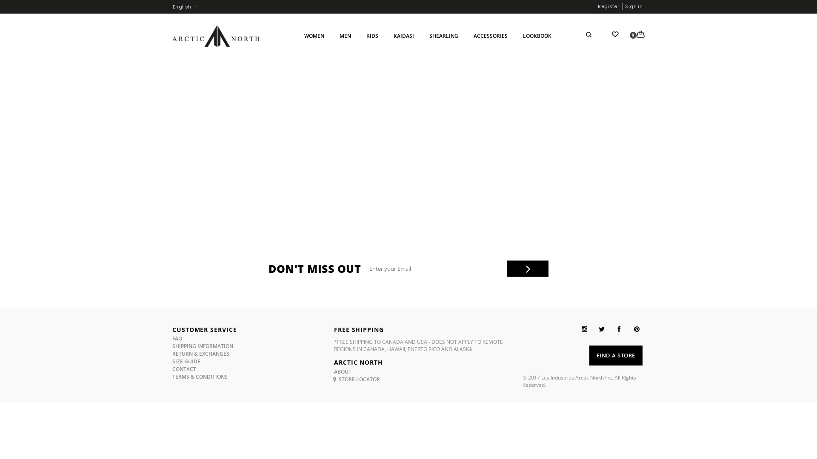  Describe the element at coordinates (637, 329) in the screenshot. I see `'Pinterest'` at that location.